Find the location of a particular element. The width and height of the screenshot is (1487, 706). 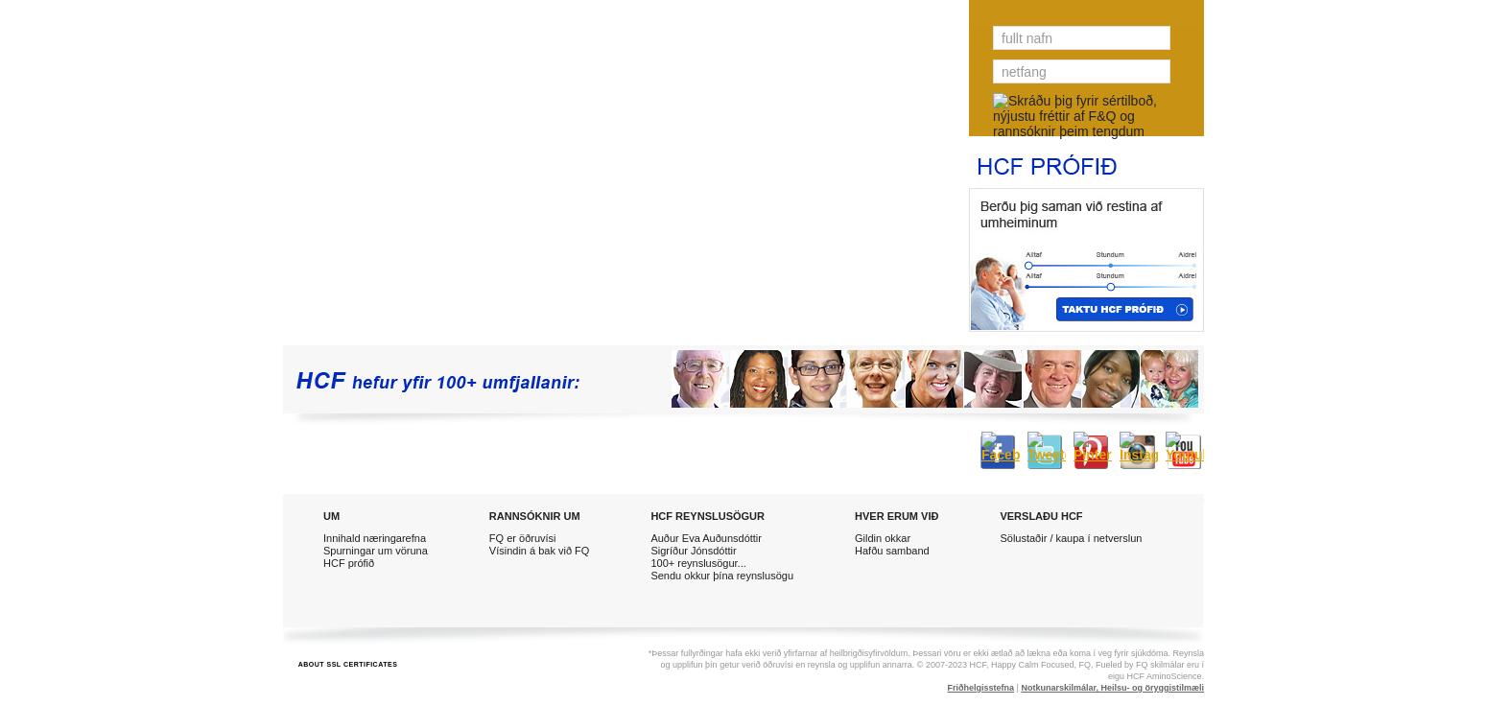

'UM' is located at coordinates (330, 516).